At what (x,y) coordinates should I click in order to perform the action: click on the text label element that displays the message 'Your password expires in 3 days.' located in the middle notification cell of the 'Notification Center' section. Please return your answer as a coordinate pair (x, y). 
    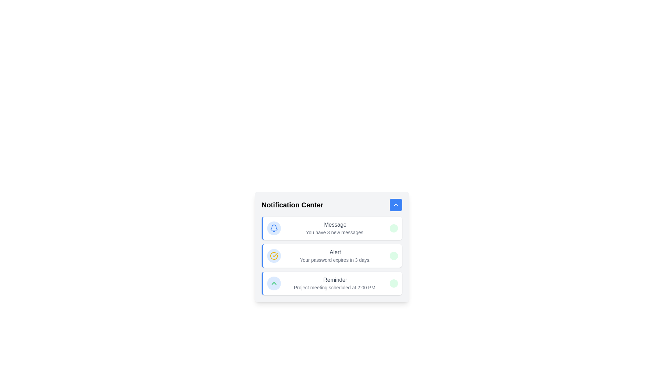
    Looking at the image, I should click on (335, 260).